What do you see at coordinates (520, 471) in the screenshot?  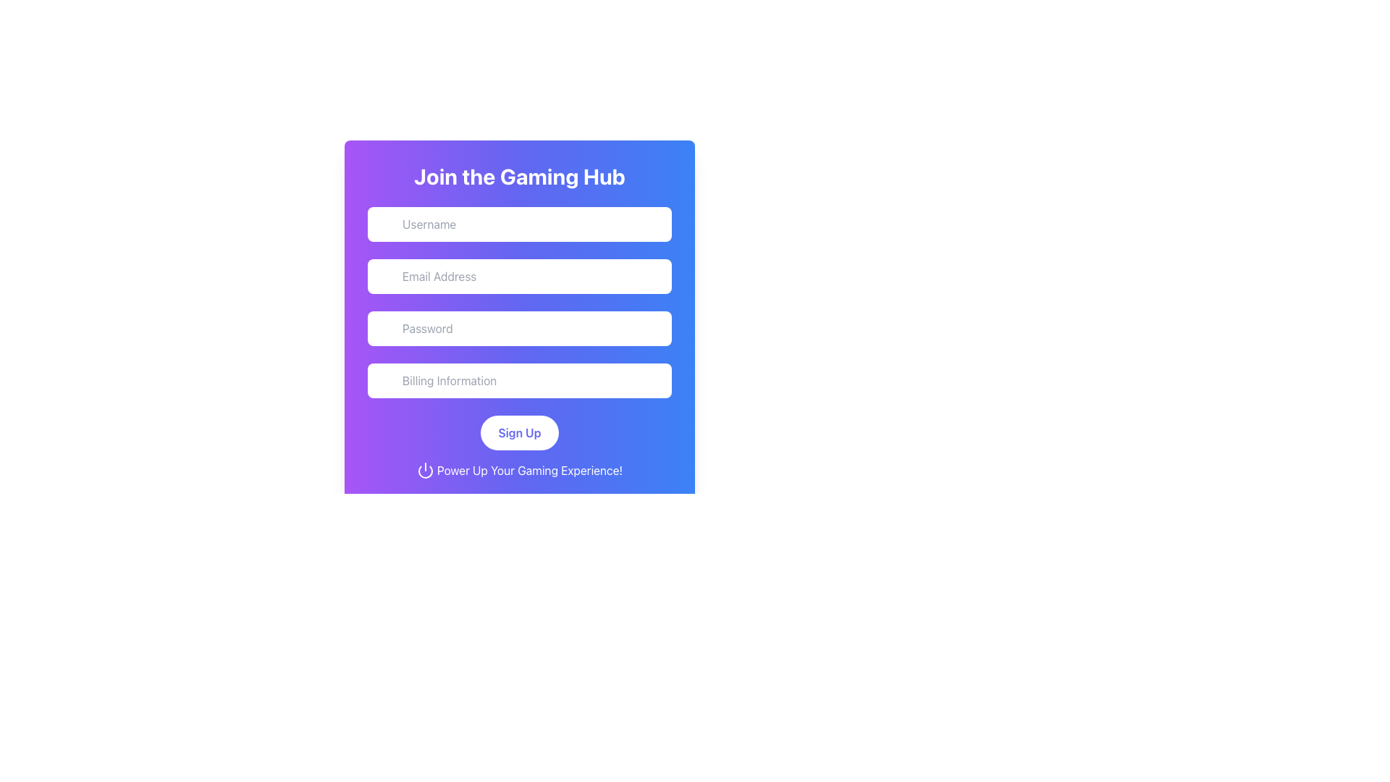 I see `the text label with the content 'Power Up Your Gaming Experience!' which is located at the bottom of the vibrant gradient card layout, directly below the 'Sign Up' button` at bounding box center [520, 471].